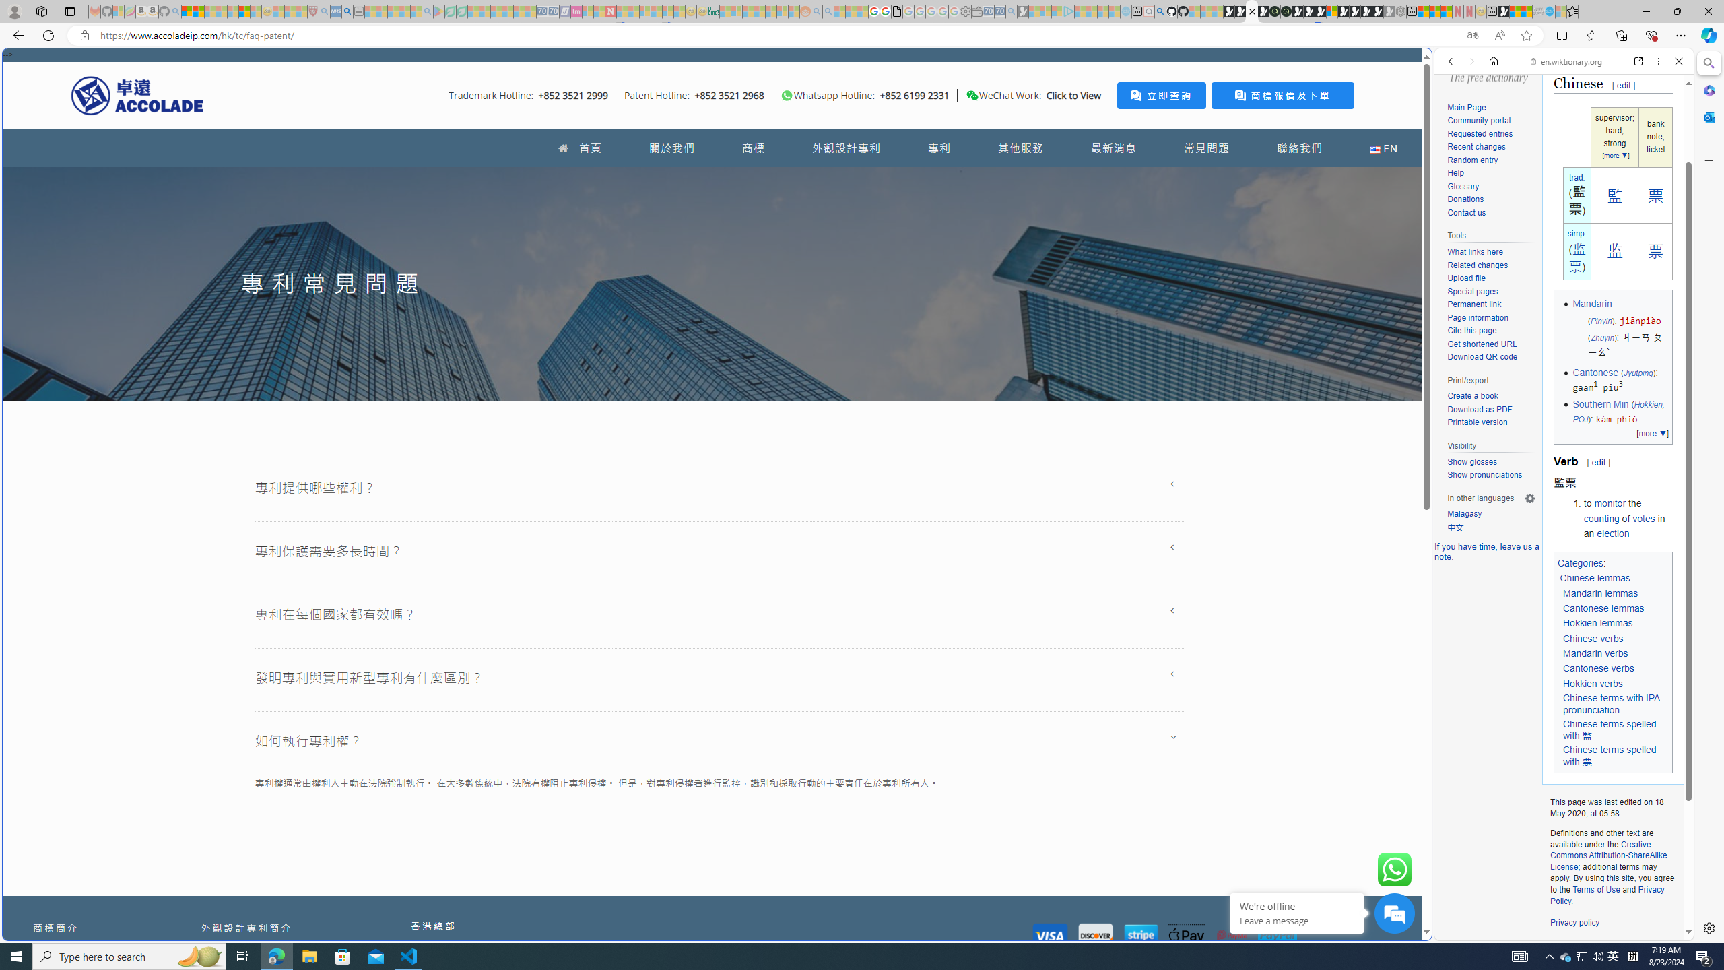 Image resolution: width=1724 pixels, height=970 pixels. What do you see at coordinates (1490, 358) in the screenshot?
I see `'Download QR code'` at bounding box center [1490, 358].